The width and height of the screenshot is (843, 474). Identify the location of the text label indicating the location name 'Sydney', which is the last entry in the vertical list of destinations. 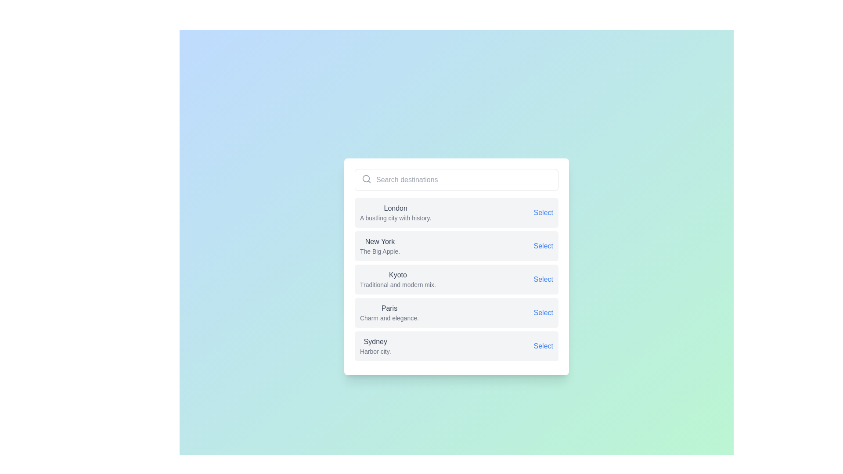
(375, 341).